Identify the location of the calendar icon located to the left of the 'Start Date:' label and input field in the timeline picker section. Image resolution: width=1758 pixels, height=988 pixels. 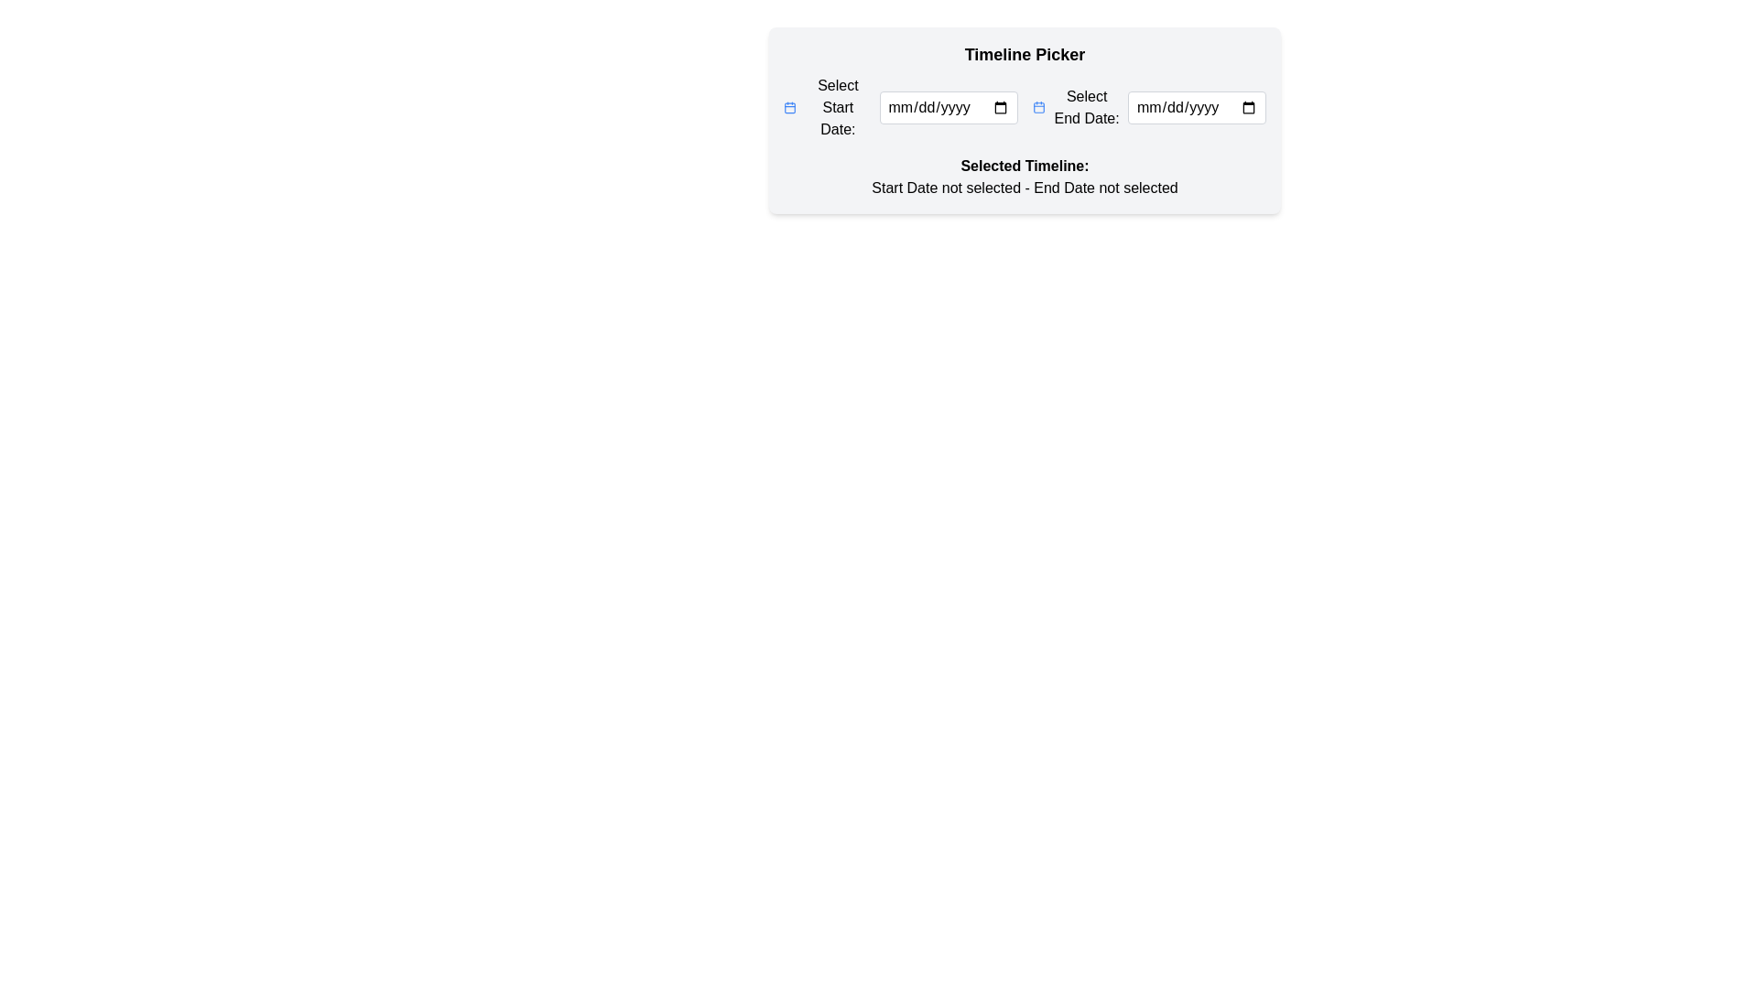
(790, 108).